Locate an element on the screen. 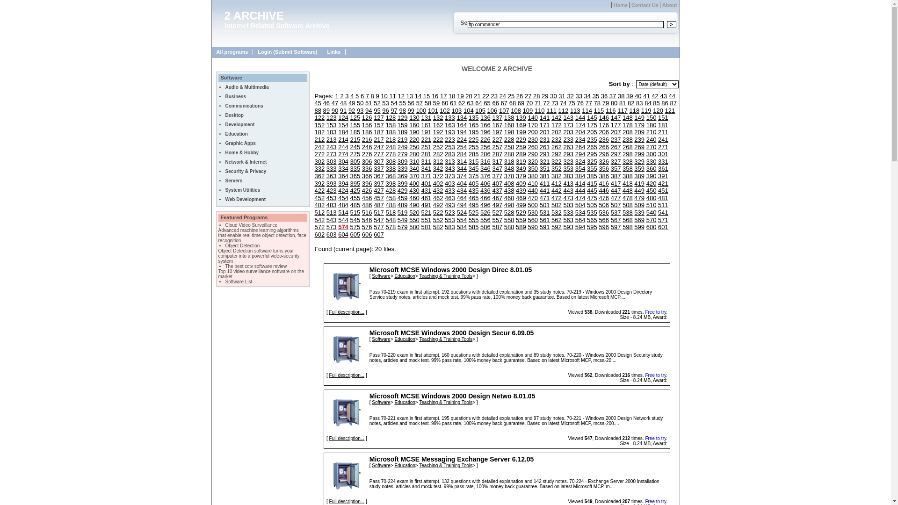 The image size is (898, 505). '215' is located at coordinates (354, 139).